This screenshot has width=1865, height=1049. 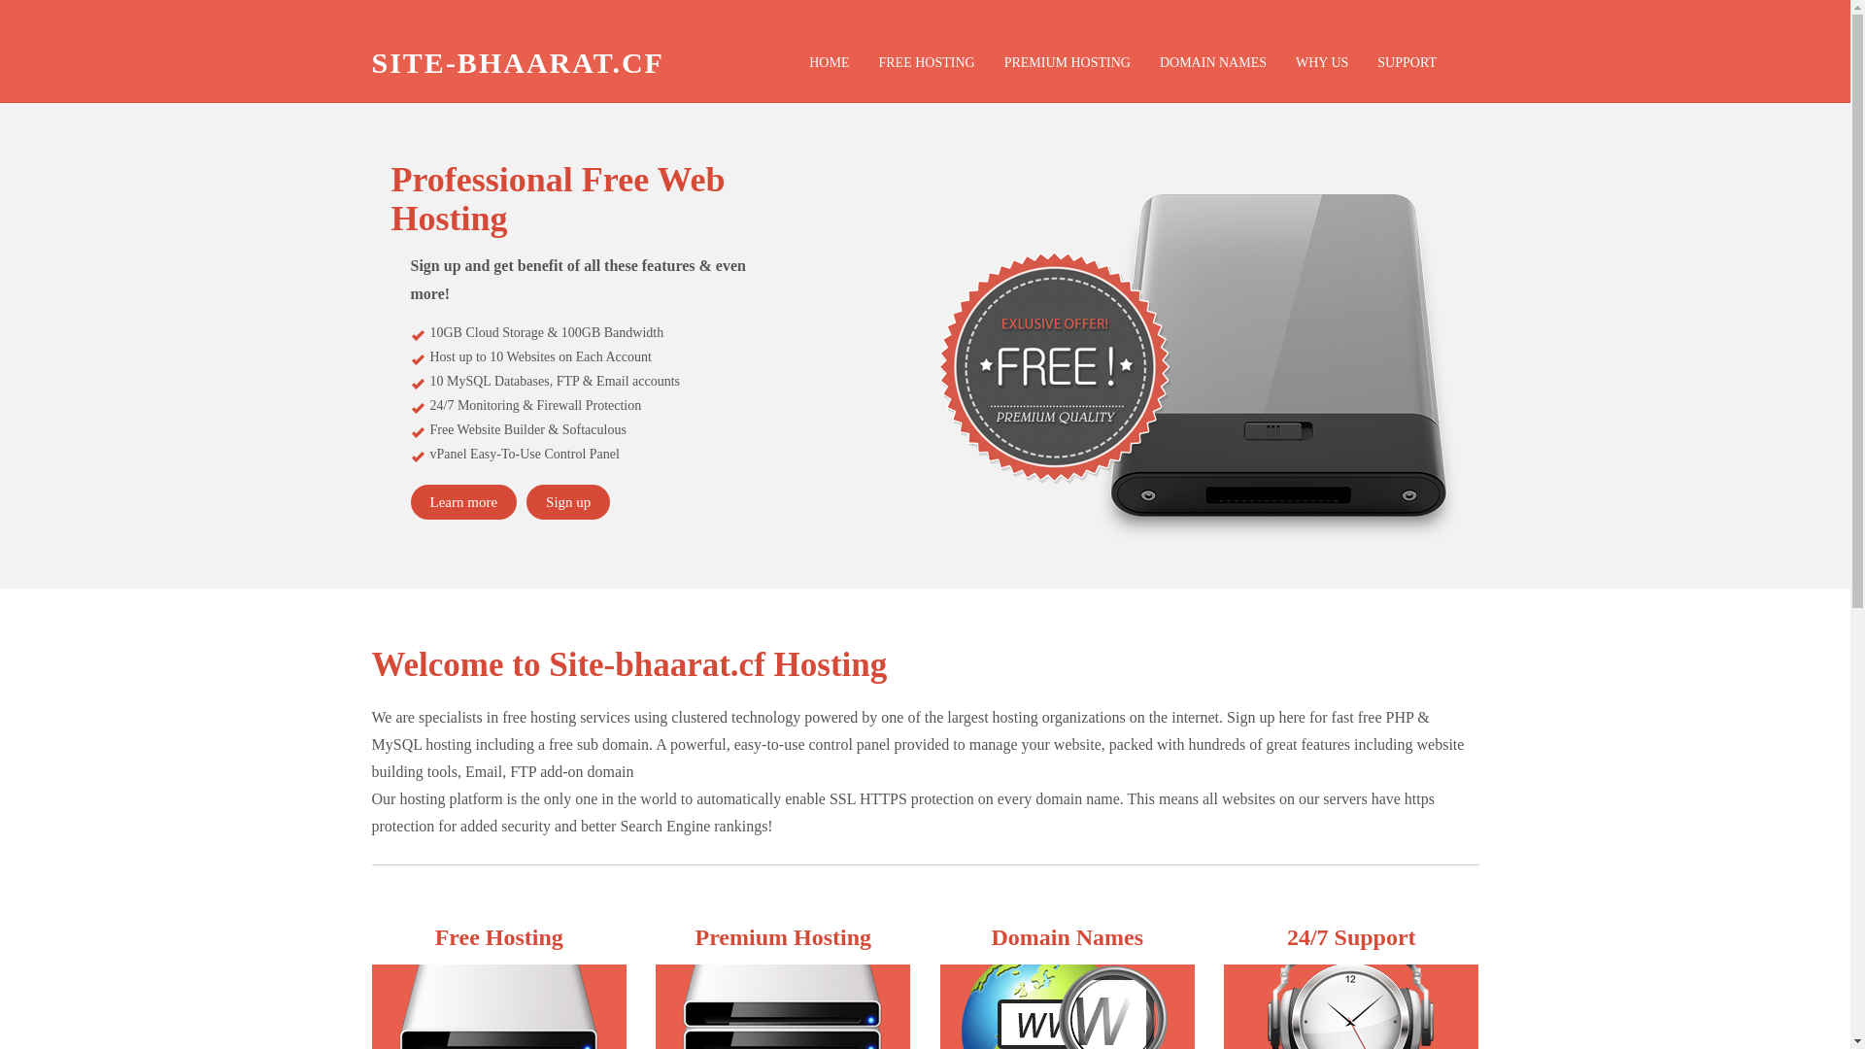 What do you see at coordinates (925, 62) in the screenshot?
I see `'FREE HOSTING'` at bounding box center [925, 62].